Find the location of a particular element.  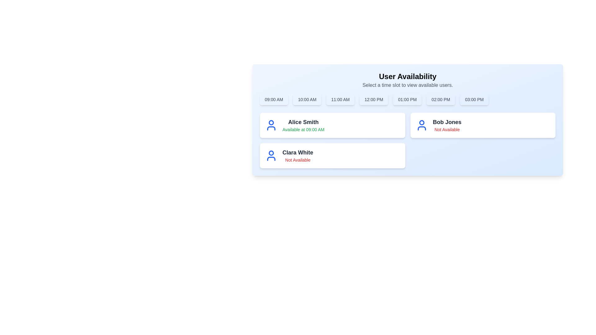

the Text Label displaying 'Clara White', which is styled in dark gray and located in the second slot of the left column within the user availability section is located at coordinates (297, 153).